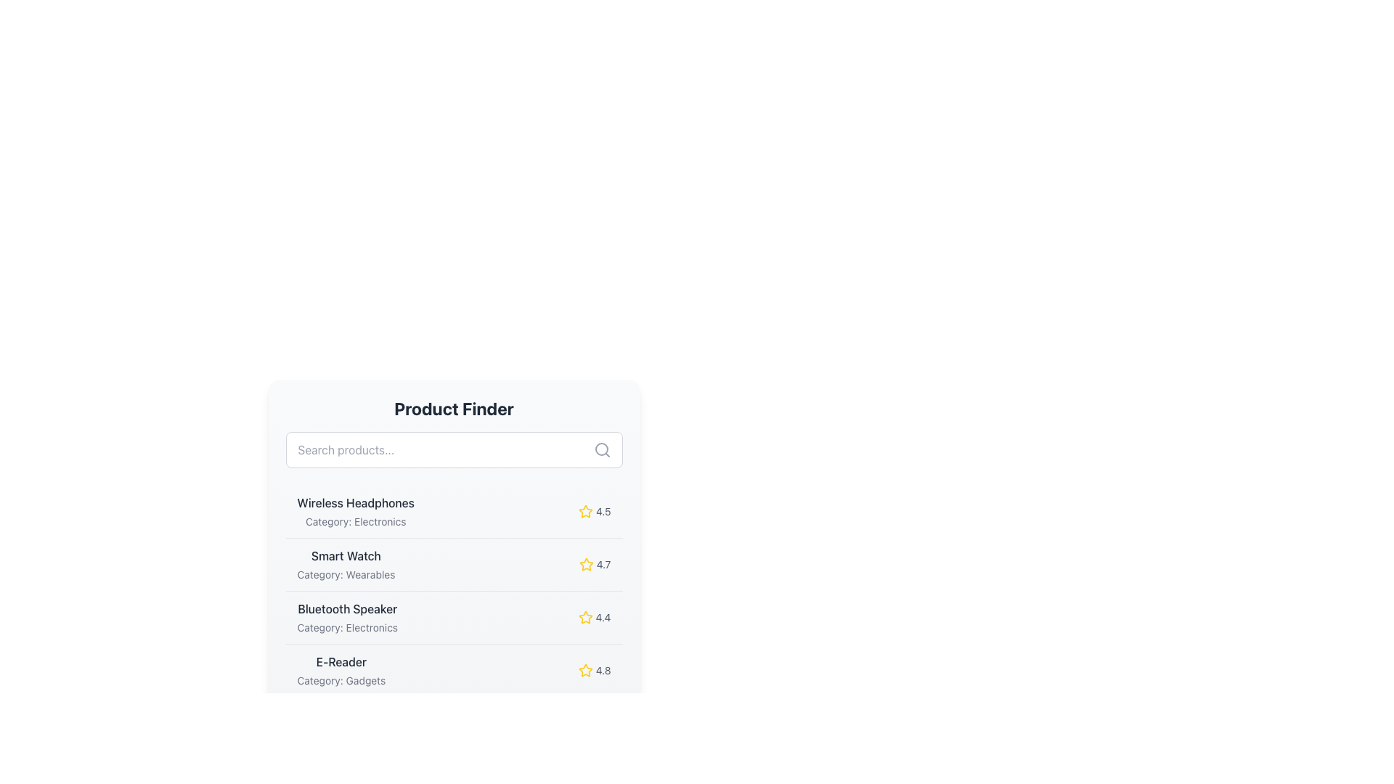 The image size is (1394, 784). Describe the element at coordinates (341, 661) in the screenshot. I see `text label displaying 'E-Reader' which is the fourth product in the list, located centrally under 'Product Finder' and above 'Category: Gadgets'` at that location.